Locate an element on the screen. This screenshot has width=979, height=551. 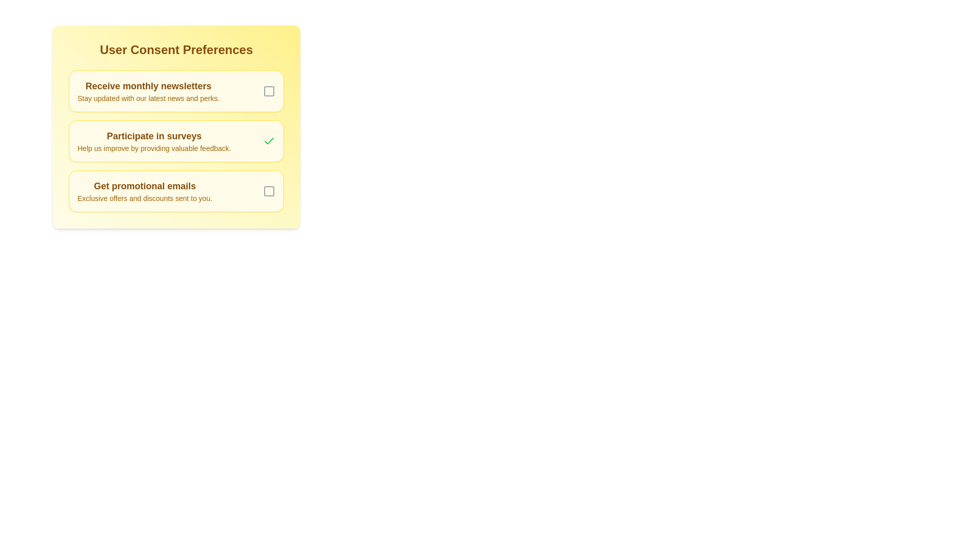
the square-shaped checkbox with a gray outline, located on the far right side of the 'Get promotional emails' section of the consent preferences interface is located at coordinates (269, 191).